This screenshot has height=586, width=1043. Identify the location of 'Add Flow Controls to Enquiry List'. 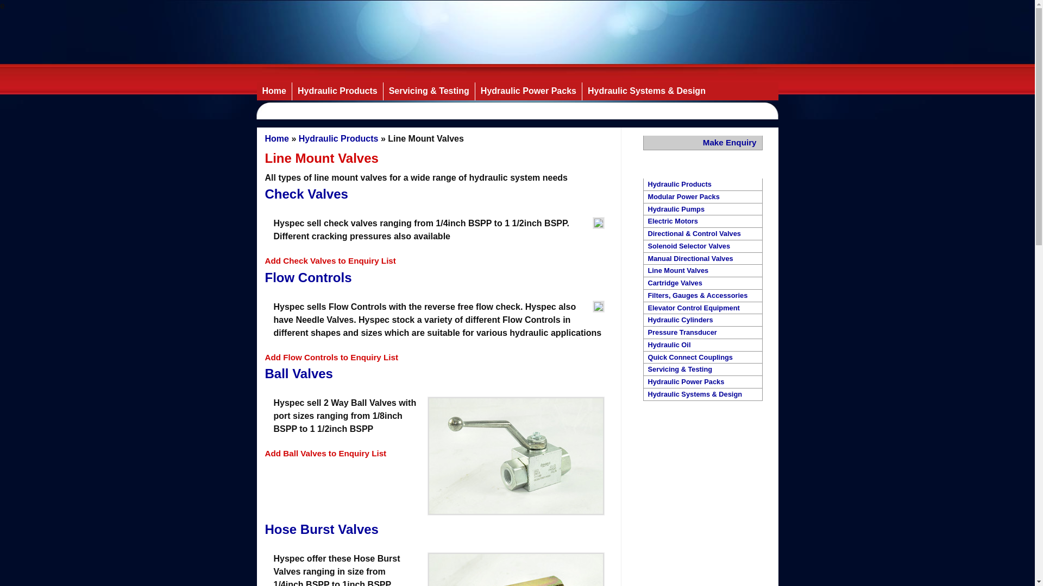
(331, 357).